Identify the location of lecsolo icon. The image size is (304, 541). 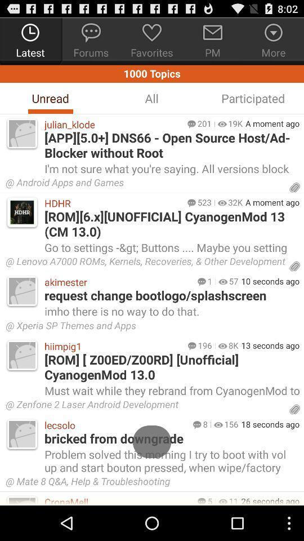
(115, 424).